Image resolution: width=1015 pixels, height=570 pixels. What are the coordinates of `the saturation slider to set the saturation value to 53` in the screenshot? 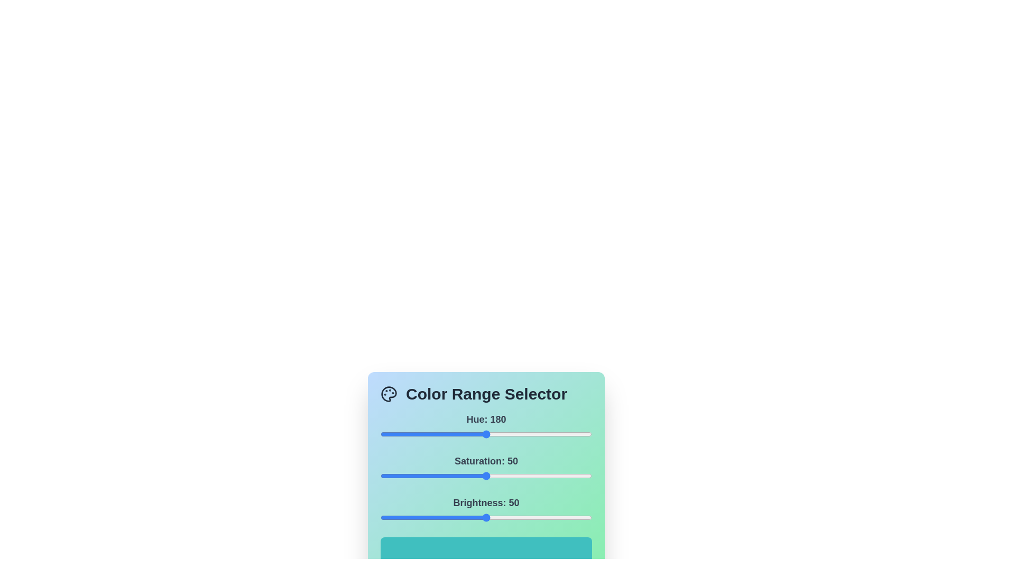 It's located at (492, 476).